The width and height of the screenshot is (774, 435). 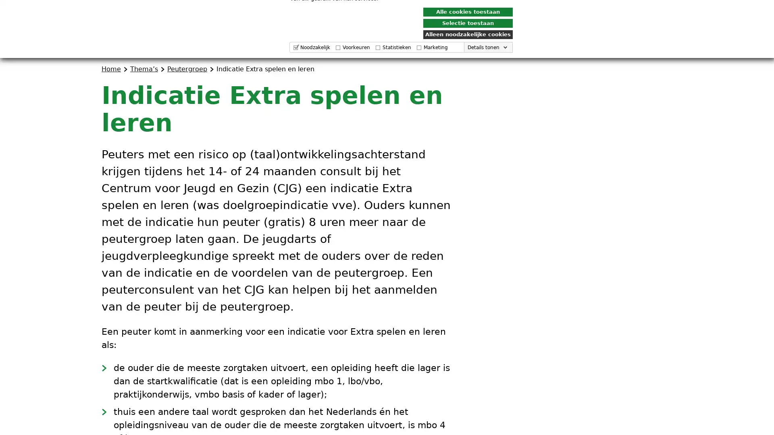 I want to click on Zoeken, so click(x=661, y=37).